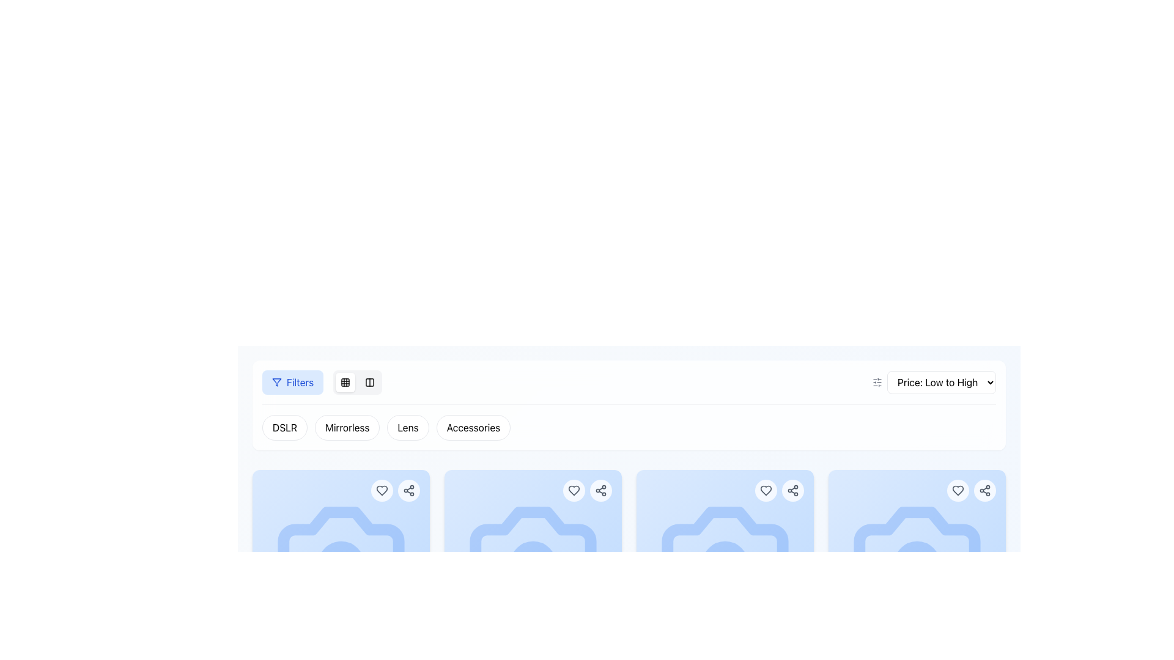  What do you see at coordinates (601, 490) in the screenshot?
I see `the share icon button located in the top-right corner of the product card` at bounding box center [601, 490].